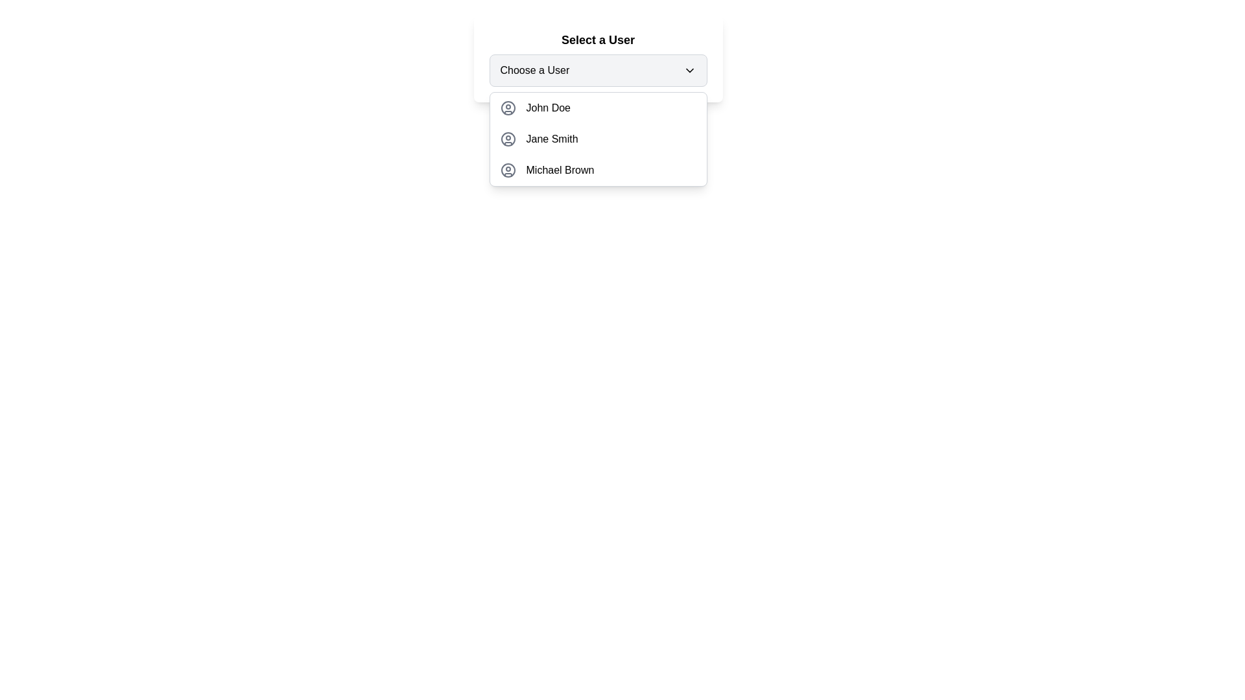  What do you see at coordinates (507, 139) in the screenshot?
I see `the outer border of the user avatar icon for 'Jane Smith' in the 'Select a User' dropdown list` at bounding box center [507, 139].